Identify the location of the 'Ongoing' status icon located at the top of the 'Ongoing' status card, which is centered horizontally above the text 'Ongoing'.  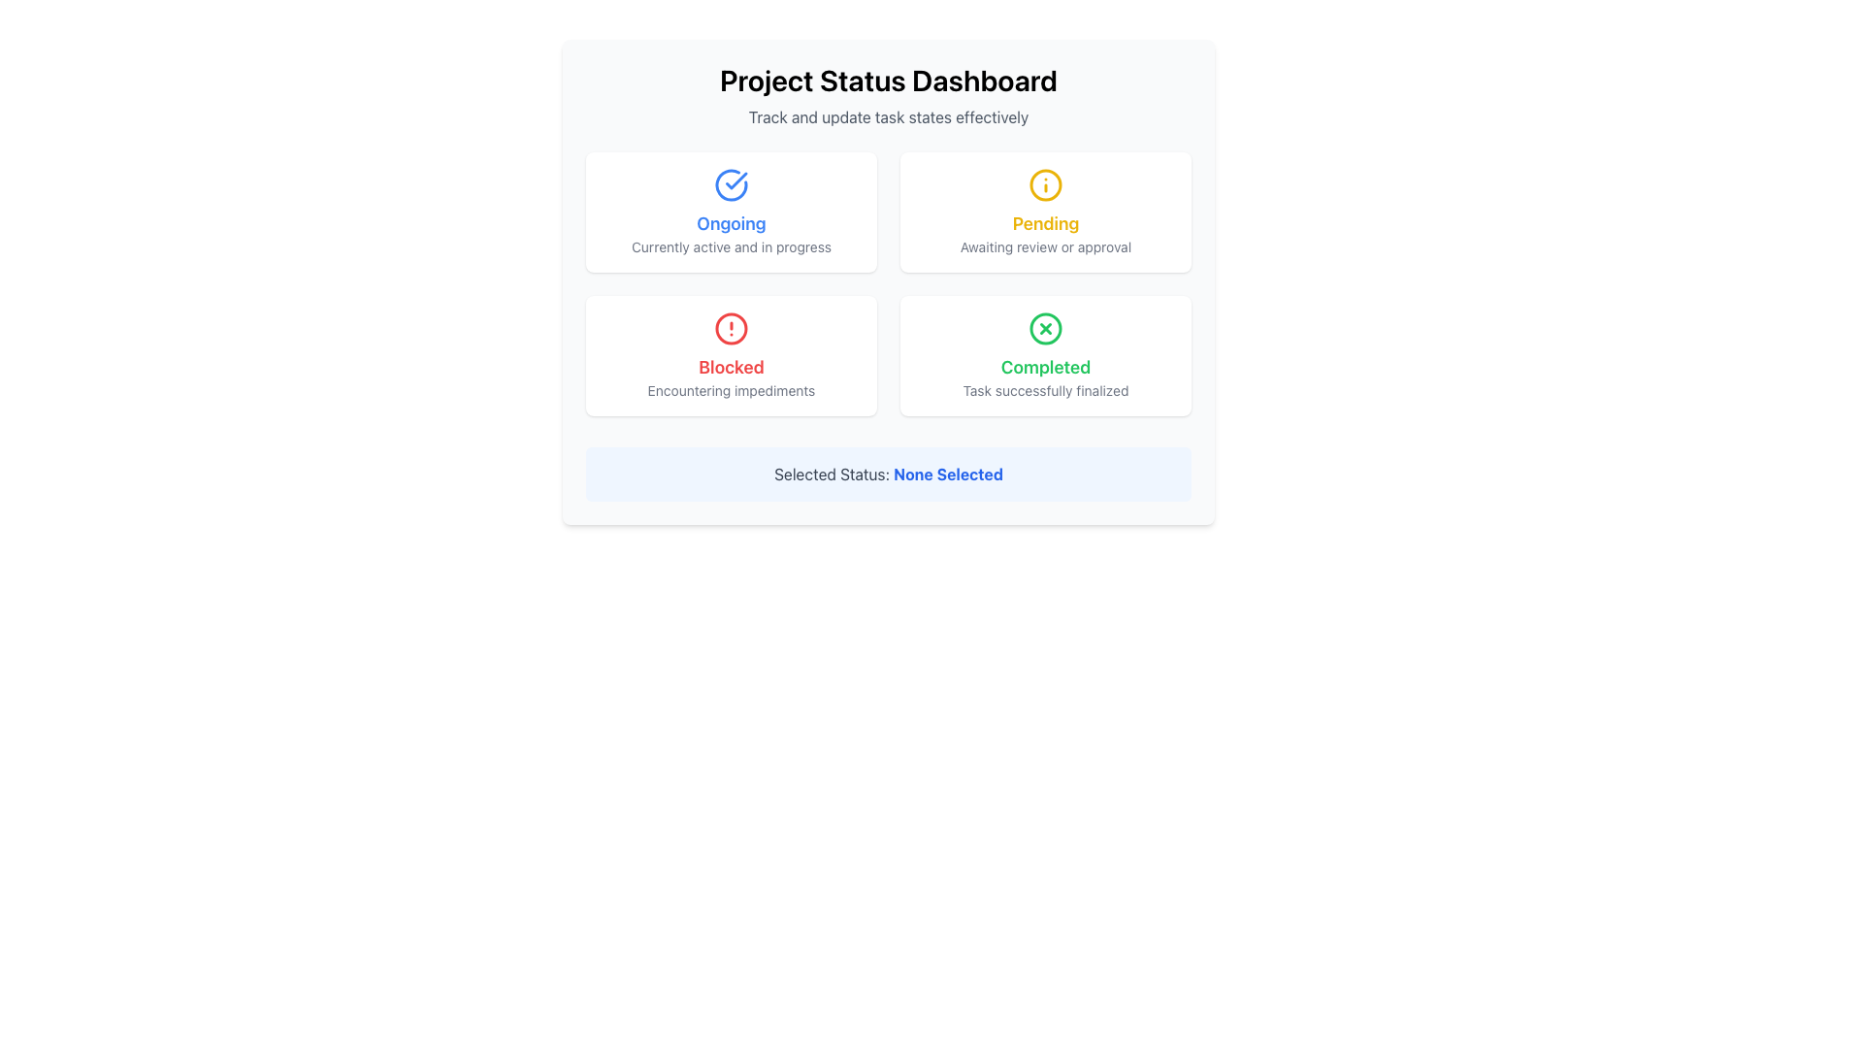
(730, 185).